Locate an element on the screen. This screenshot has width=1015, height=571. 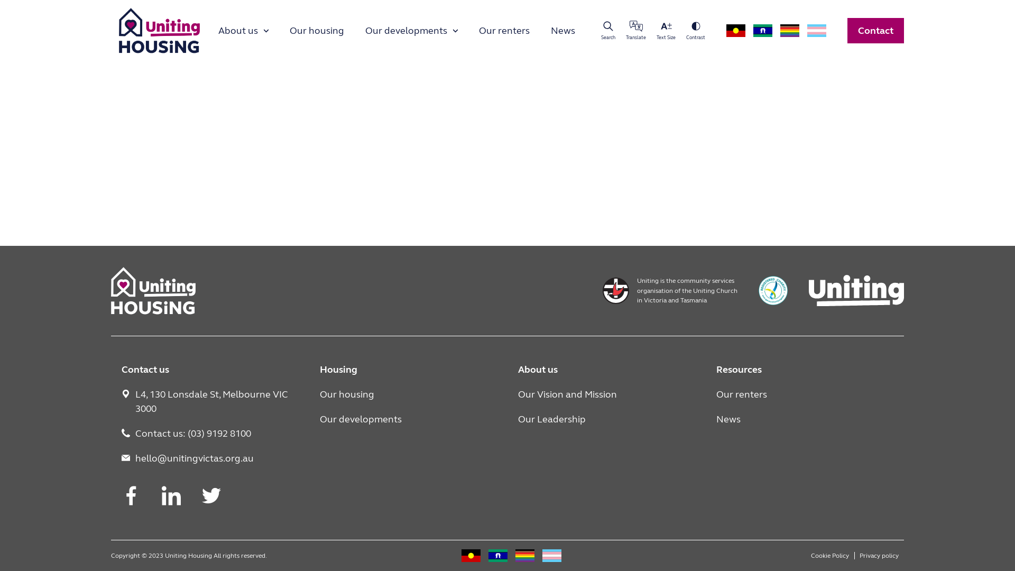
'Privacy policy' is located at coordinates (879, 555).